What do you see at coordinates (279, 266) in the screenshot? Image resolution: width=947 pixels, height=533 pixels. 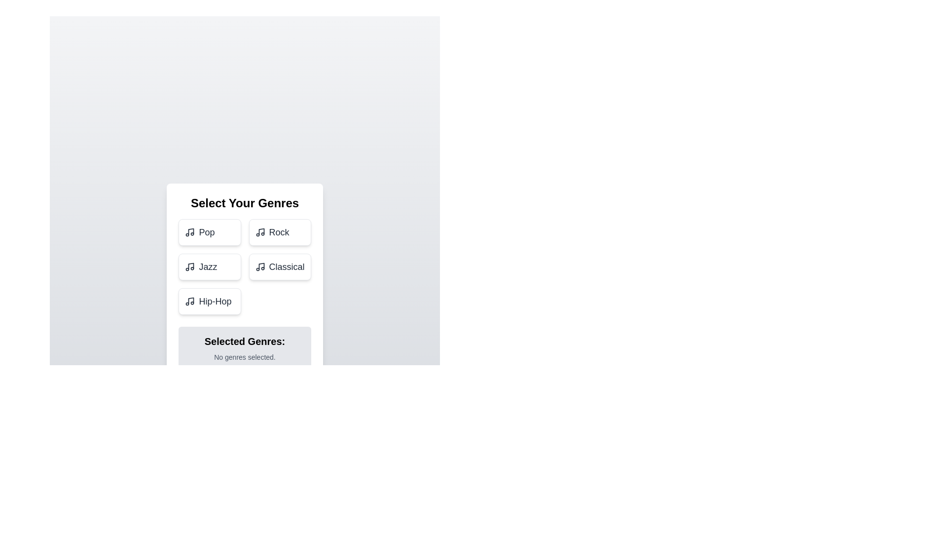 I see `the genre Classical` at bounding box center [279, 266].